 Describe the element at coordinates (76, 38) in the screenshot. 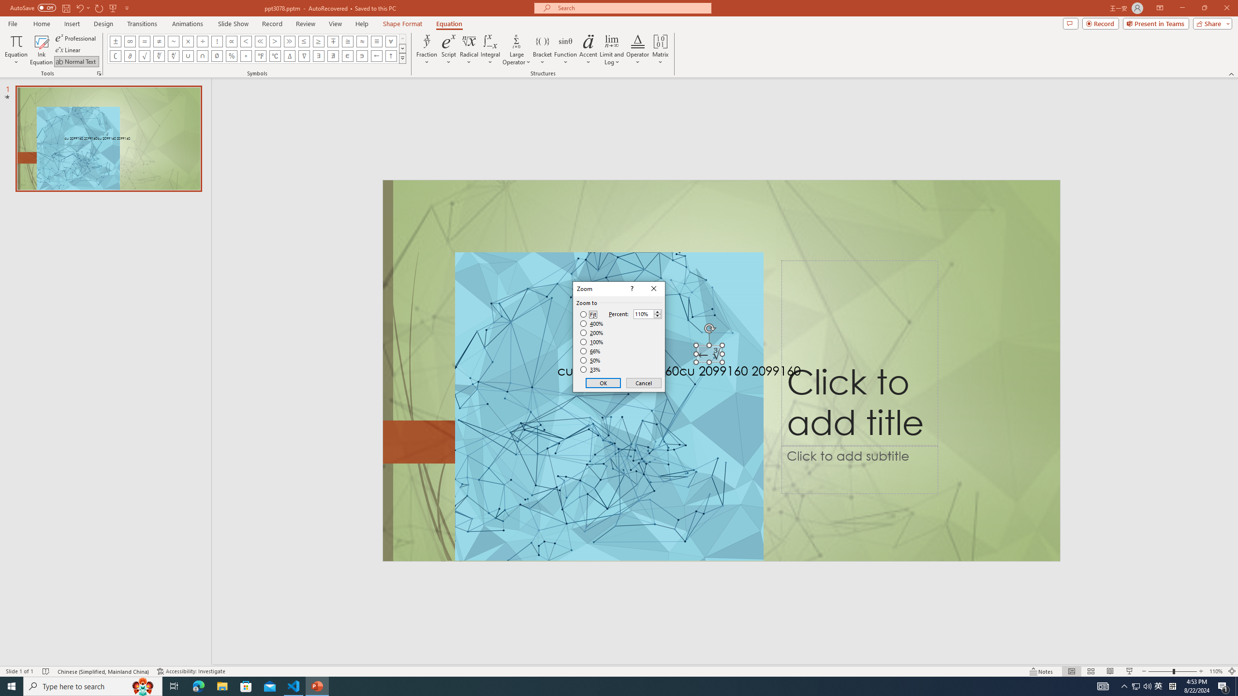

I see `'Professional'` at that location.